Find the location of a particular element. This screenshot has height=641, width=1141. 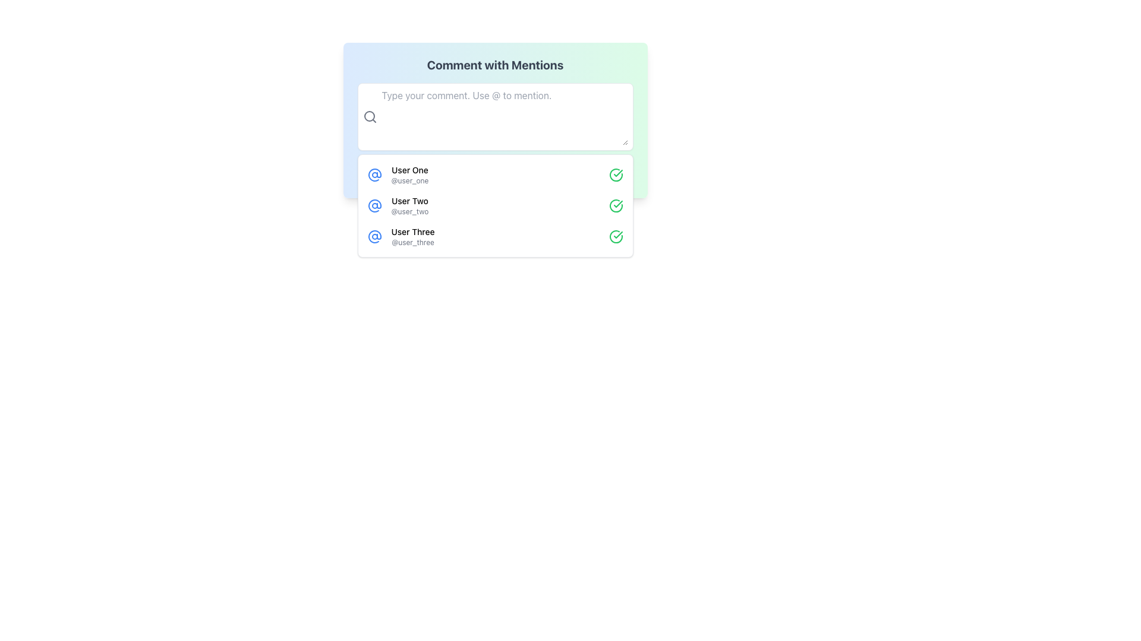

the visual indicator icon that confirms or highlights the 'User Two' list item, located to the right of the username and handle text is located at coordinates (616, 205).